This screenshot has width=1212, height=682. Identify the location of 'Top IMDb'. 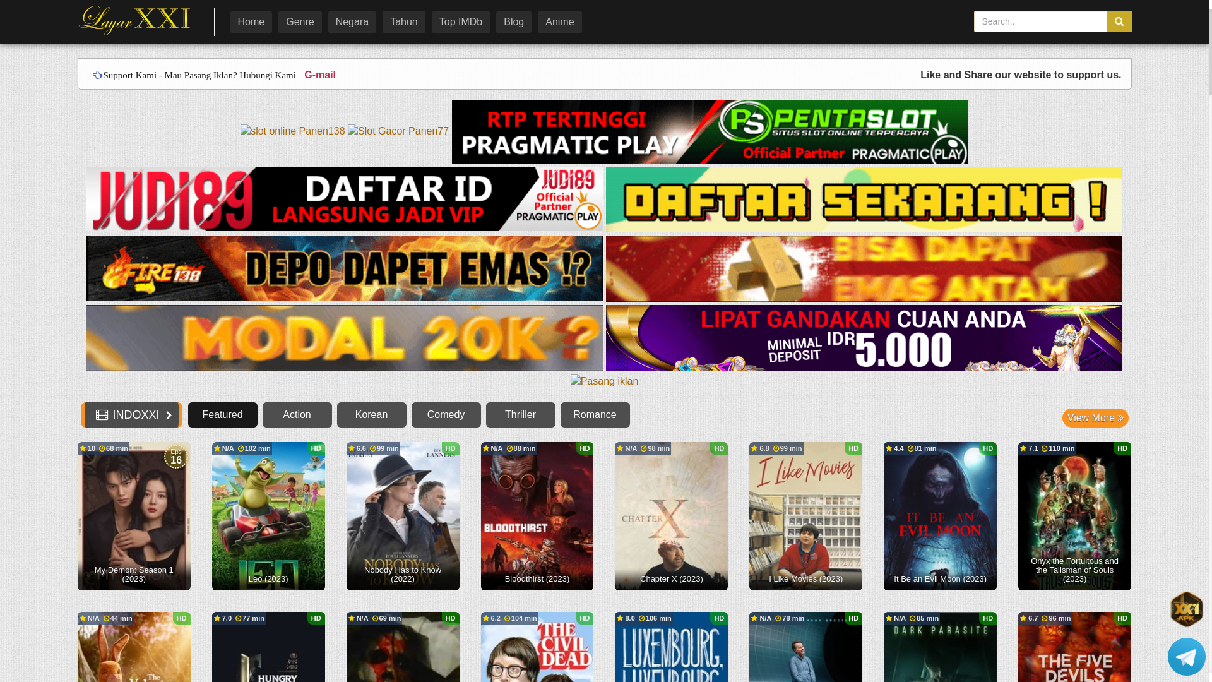
(460, 21).